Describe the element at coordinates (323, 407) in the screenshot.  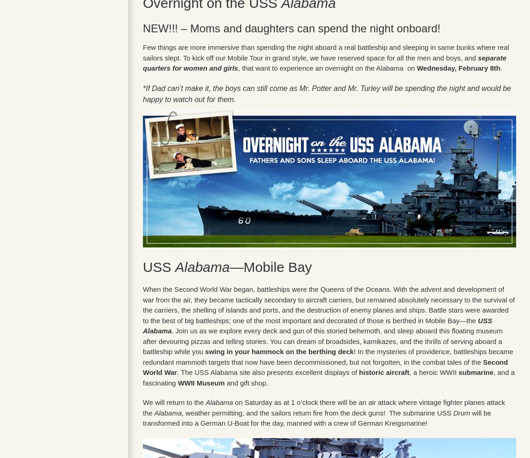
I see `'on Saturday as at 1 o’clock there will be an air attack where vintage fighter planes attack the'` at that location.